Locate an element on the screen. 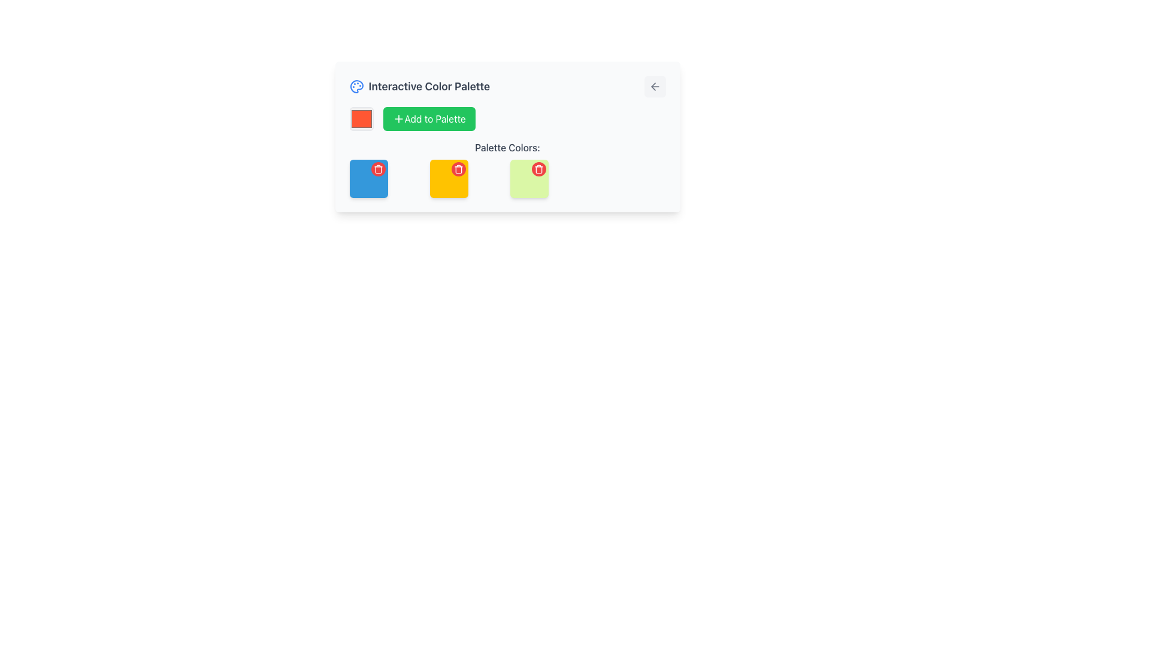  the color palette icon, which is the leading component of the group containing the 'Interactive Color Palette' text, located near the top left of the interface is located at coordinates (356, 86).